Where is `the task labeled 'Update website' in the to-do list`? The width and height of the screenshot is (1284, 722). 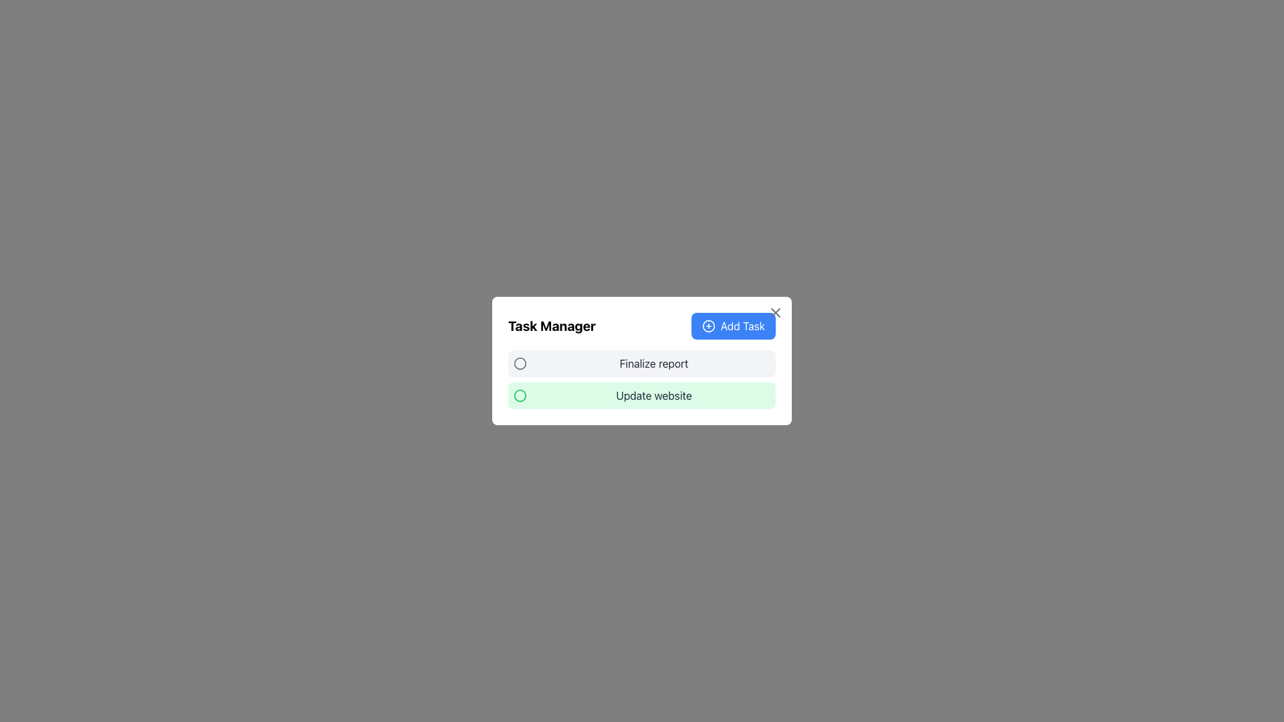 the task labeled 'Update website' in the to-do list is located at coordinates (642, 394).